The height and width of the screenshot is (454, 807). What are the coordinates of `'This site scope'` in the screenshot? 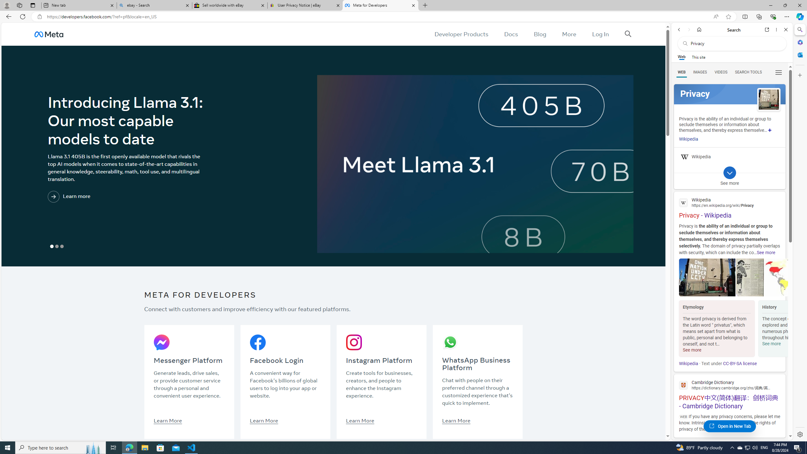 It's located at (698, 57).